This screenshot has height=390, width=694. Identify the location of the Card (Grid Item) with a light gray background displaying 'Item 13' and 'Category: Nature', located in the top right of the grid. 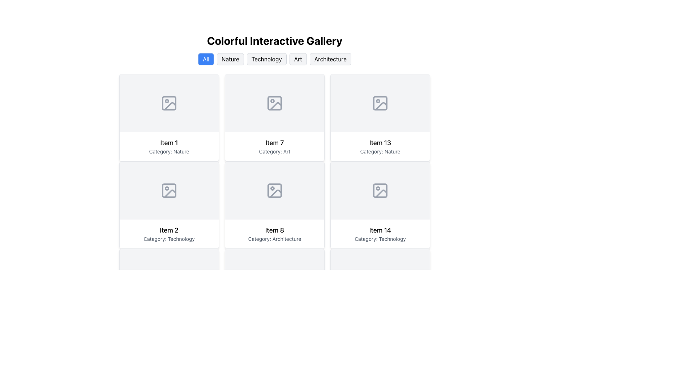
(380, 117).